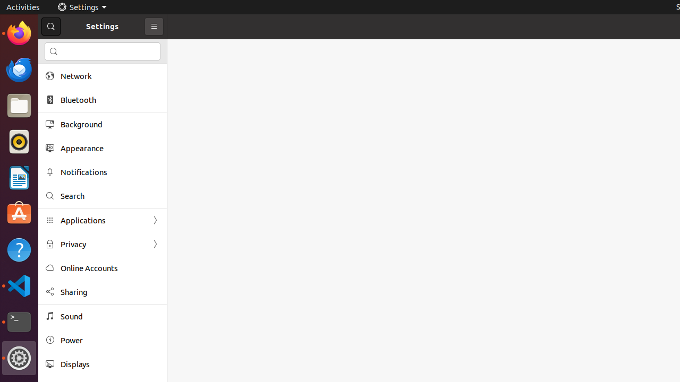 The image size is (680, 382). What do you see at coordinates (109, 148) in the screenshot?
I see `'Appearance'` at bounding box center [109, 148].